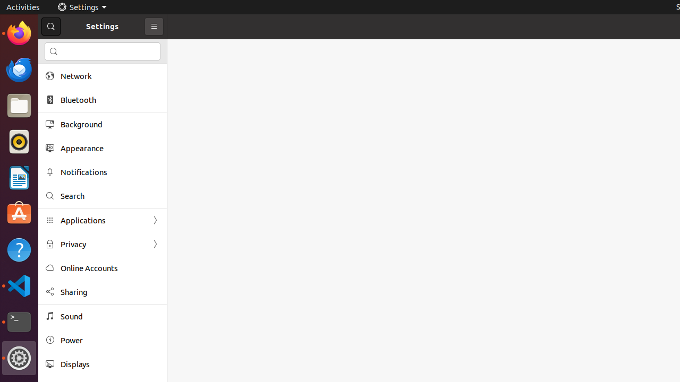 The image size is (680, 382). What do you see at coordinates (109, 148) in the screenshot?
I see `'Appearance'` at bounding box center [109, 148].